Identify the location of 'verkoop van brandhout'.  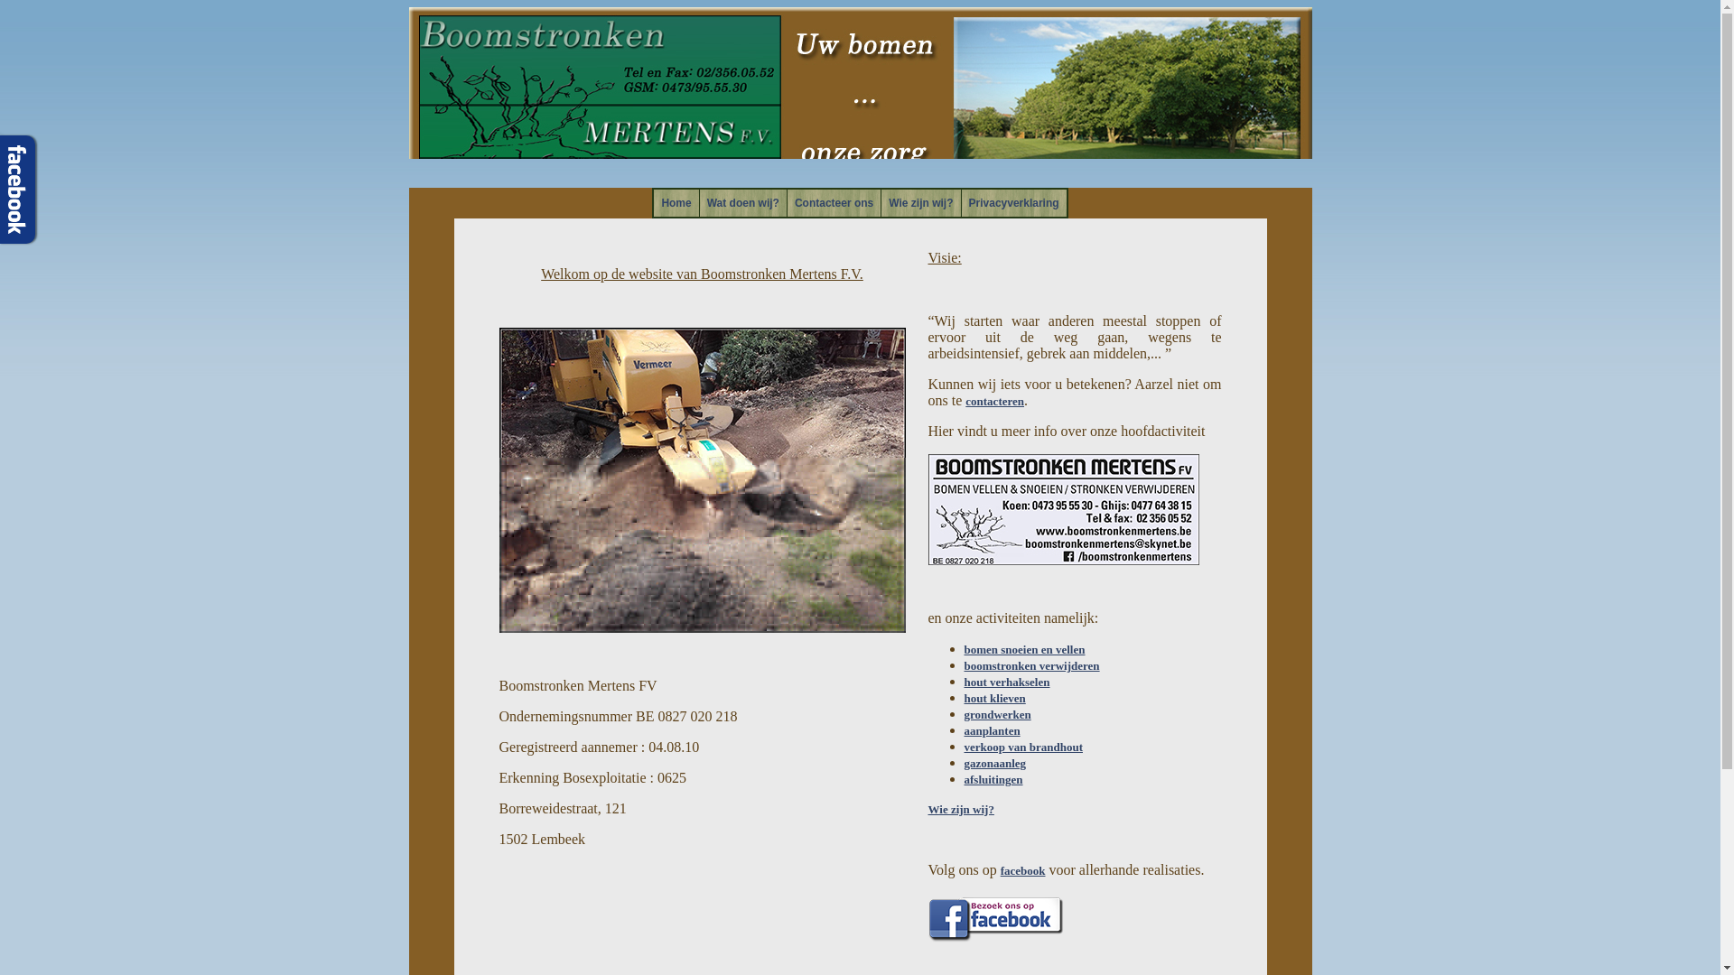
(1023, 747).